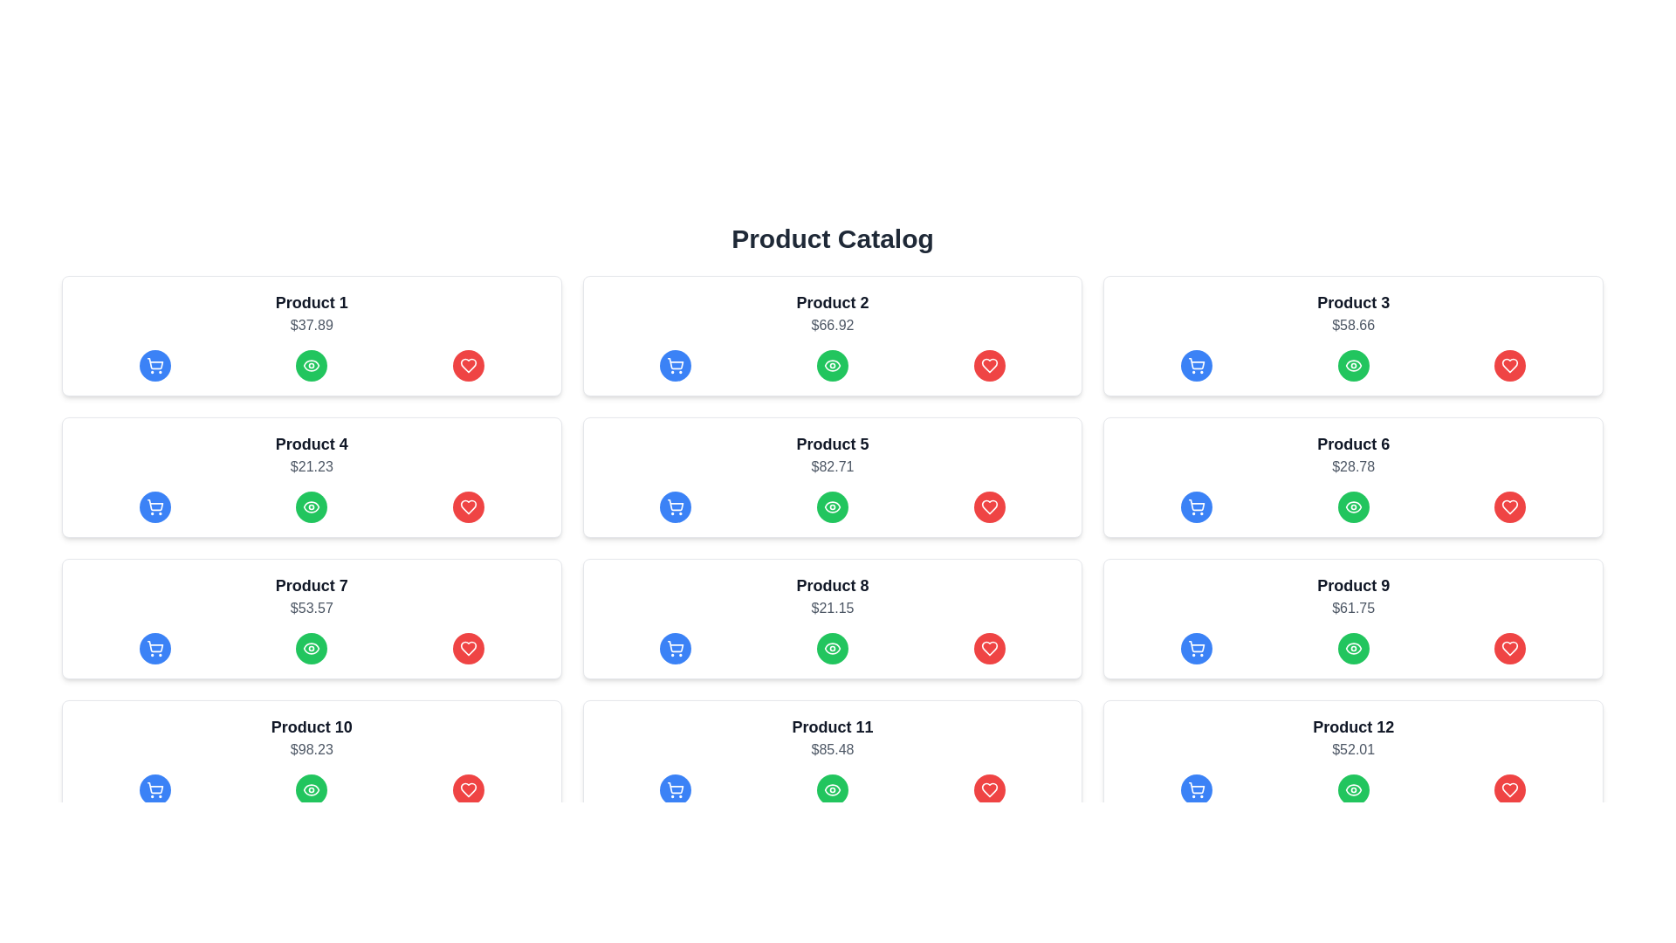  What do you see at coordinates (312, 586) in the screenshot?
I see `the text label displaying 'Product 7' which is located at the center of the product card in the third row, first column of the product catalog grid` at bounding box center [312, 586].